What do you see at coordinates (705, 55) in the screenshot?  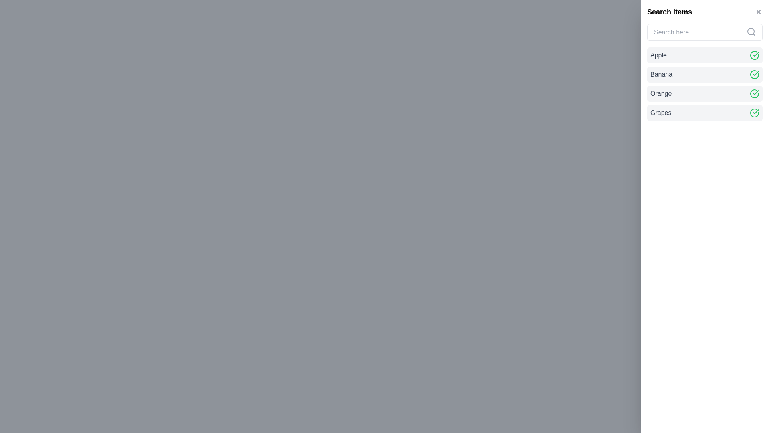 I see `the first item in the sidebar list labeled 'Apple', which is positioned at the top of the vertical list containing 'Apple', 'Banana', 'Orange', and 'Grapes'` at bounding box center [705, 55].